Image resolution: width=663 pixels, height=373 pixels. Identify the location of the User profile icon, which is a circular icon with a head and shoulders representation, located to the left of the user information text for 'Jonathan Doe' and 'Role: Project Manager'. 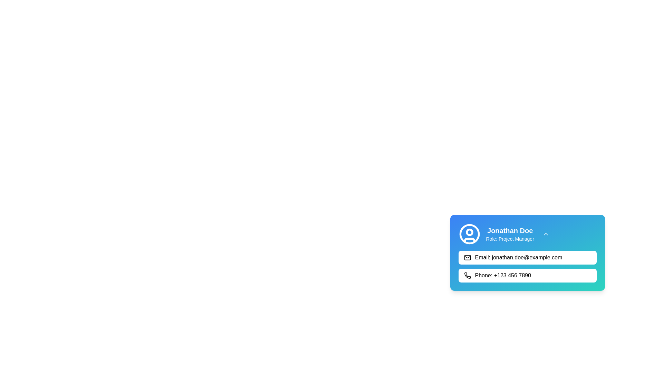
(469, 234).